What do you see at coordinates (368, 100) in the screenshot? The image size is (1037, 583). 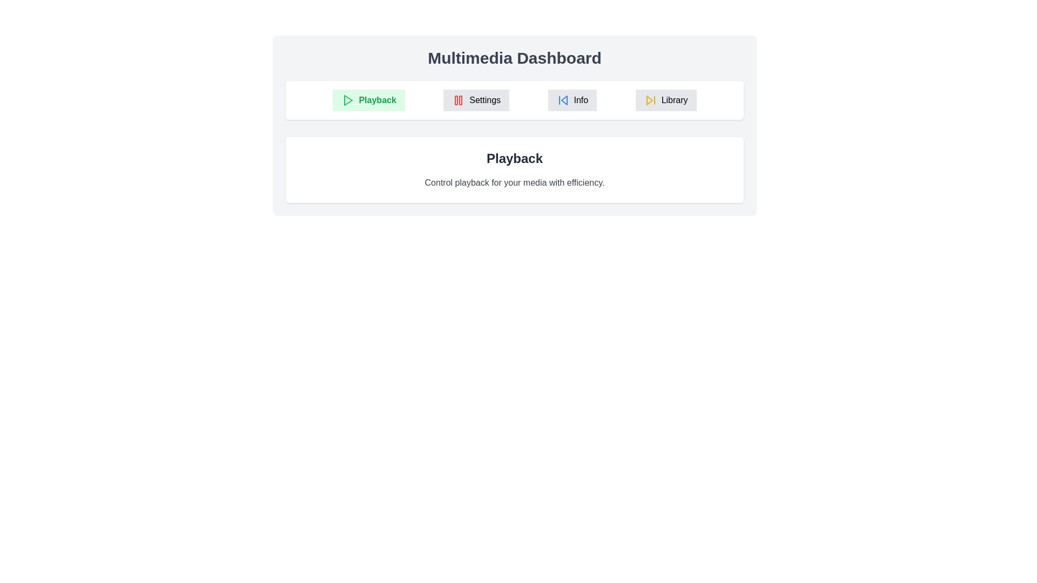 I see `the Playback tab` at bounding box center [368, 100].